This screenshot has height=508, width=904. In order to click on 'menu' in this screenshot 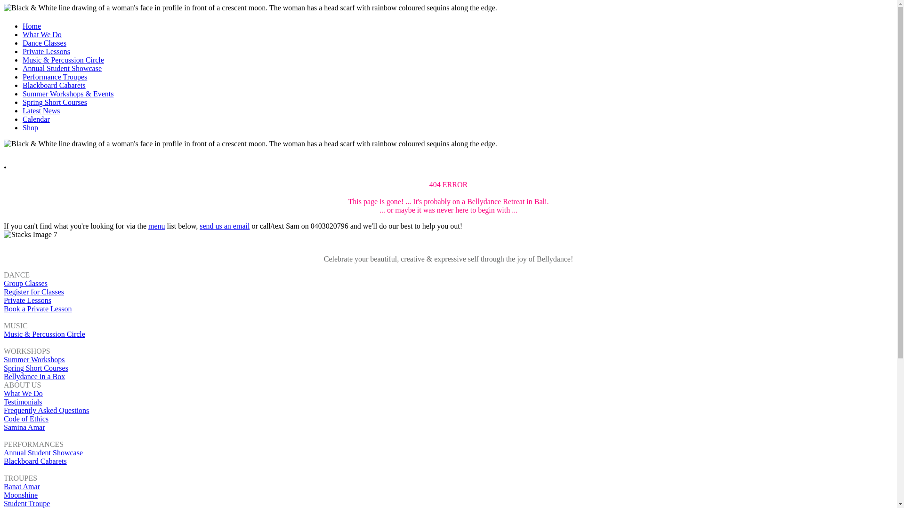, I will do `click(156, 226)`.